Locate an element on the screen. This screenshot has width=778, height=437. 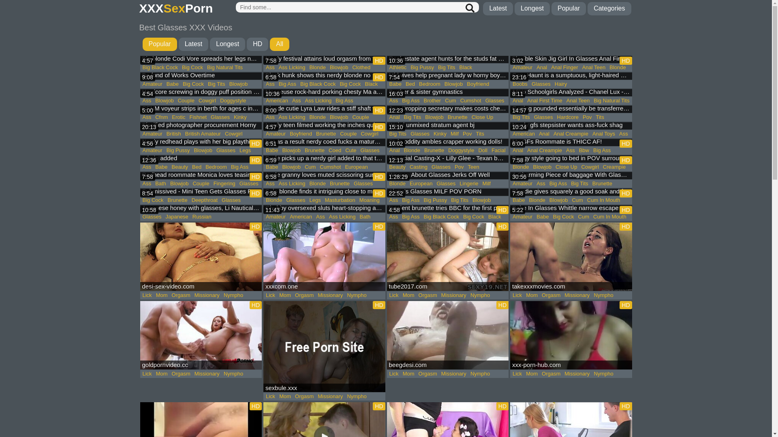
'XXXSexPorn' is located at coordinates (176, 8).